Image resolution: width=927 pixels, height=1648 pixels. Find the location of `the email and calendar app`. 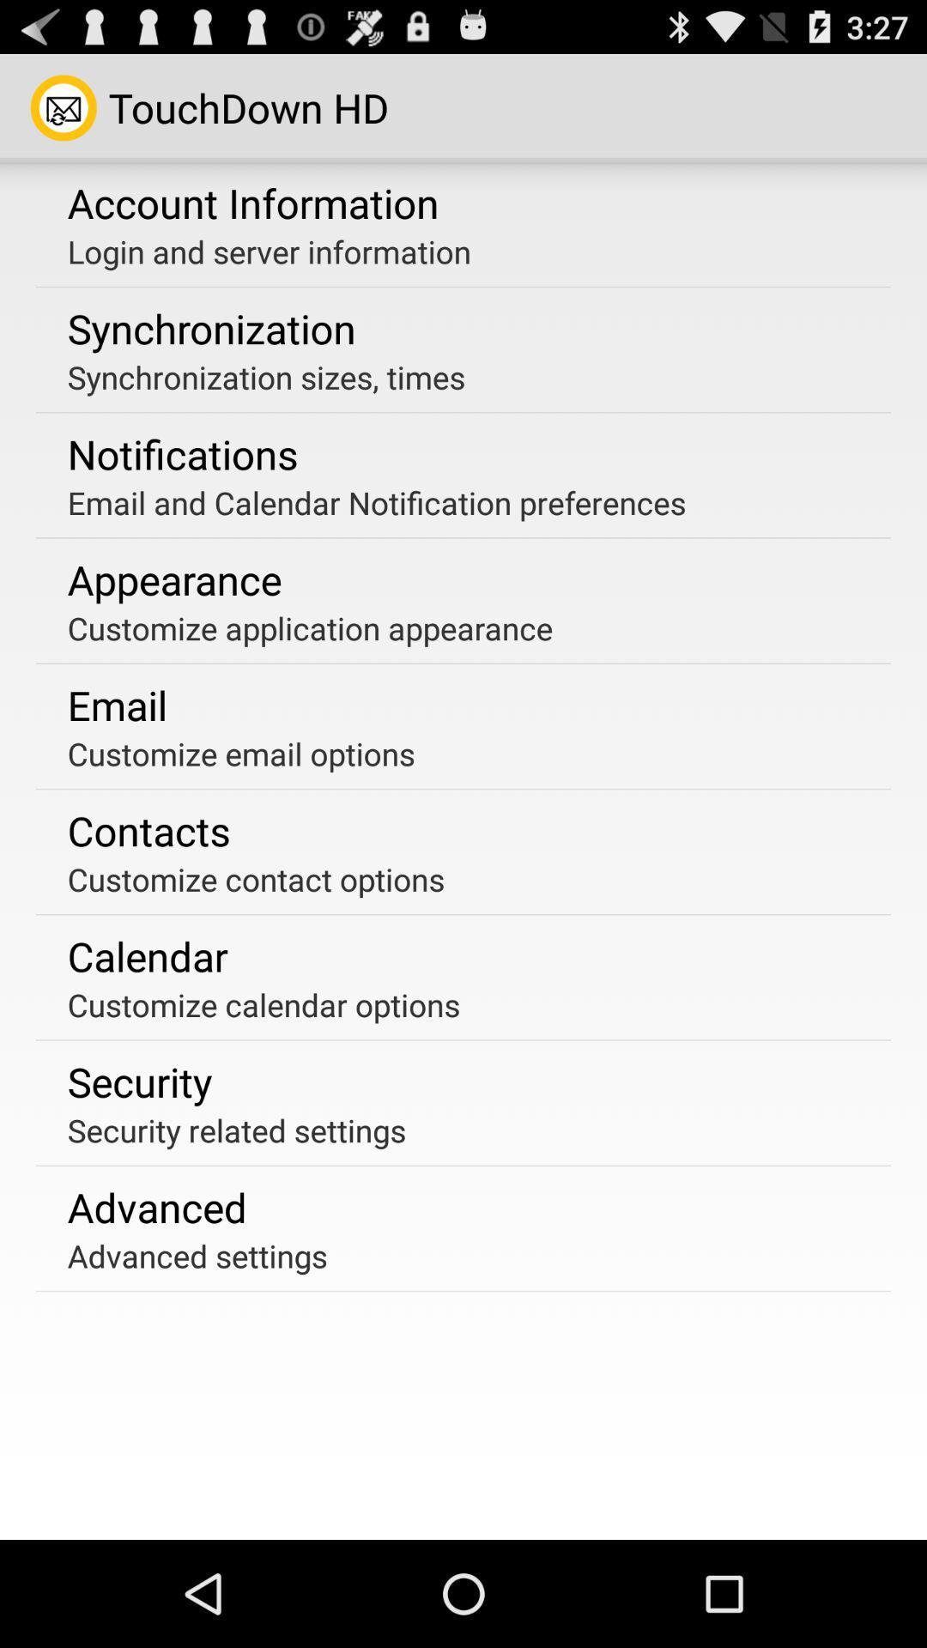

the email and calendar app is located at coordinates (376, 501).